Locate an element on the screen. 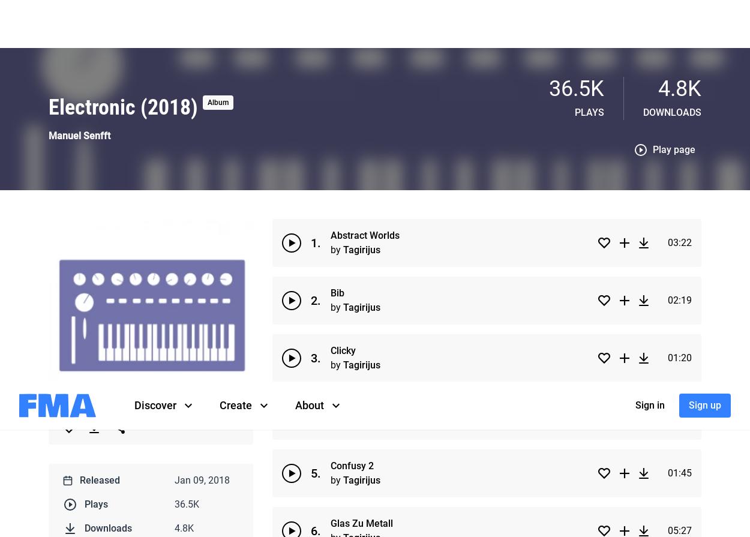 The height and width of the screenshot is (537, 750). 'TakeNode' is located at coordinates (266, 145).